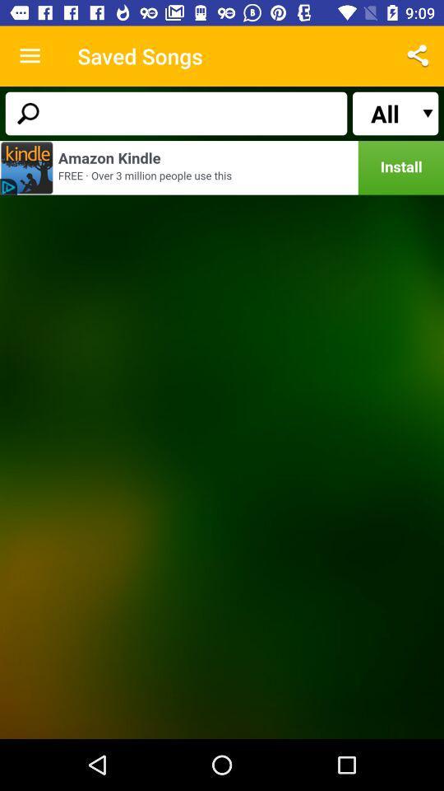 The image size is (444, 791). Describe the element at coordinates (175, 112) in the screenshot. I see `search option` at that location.